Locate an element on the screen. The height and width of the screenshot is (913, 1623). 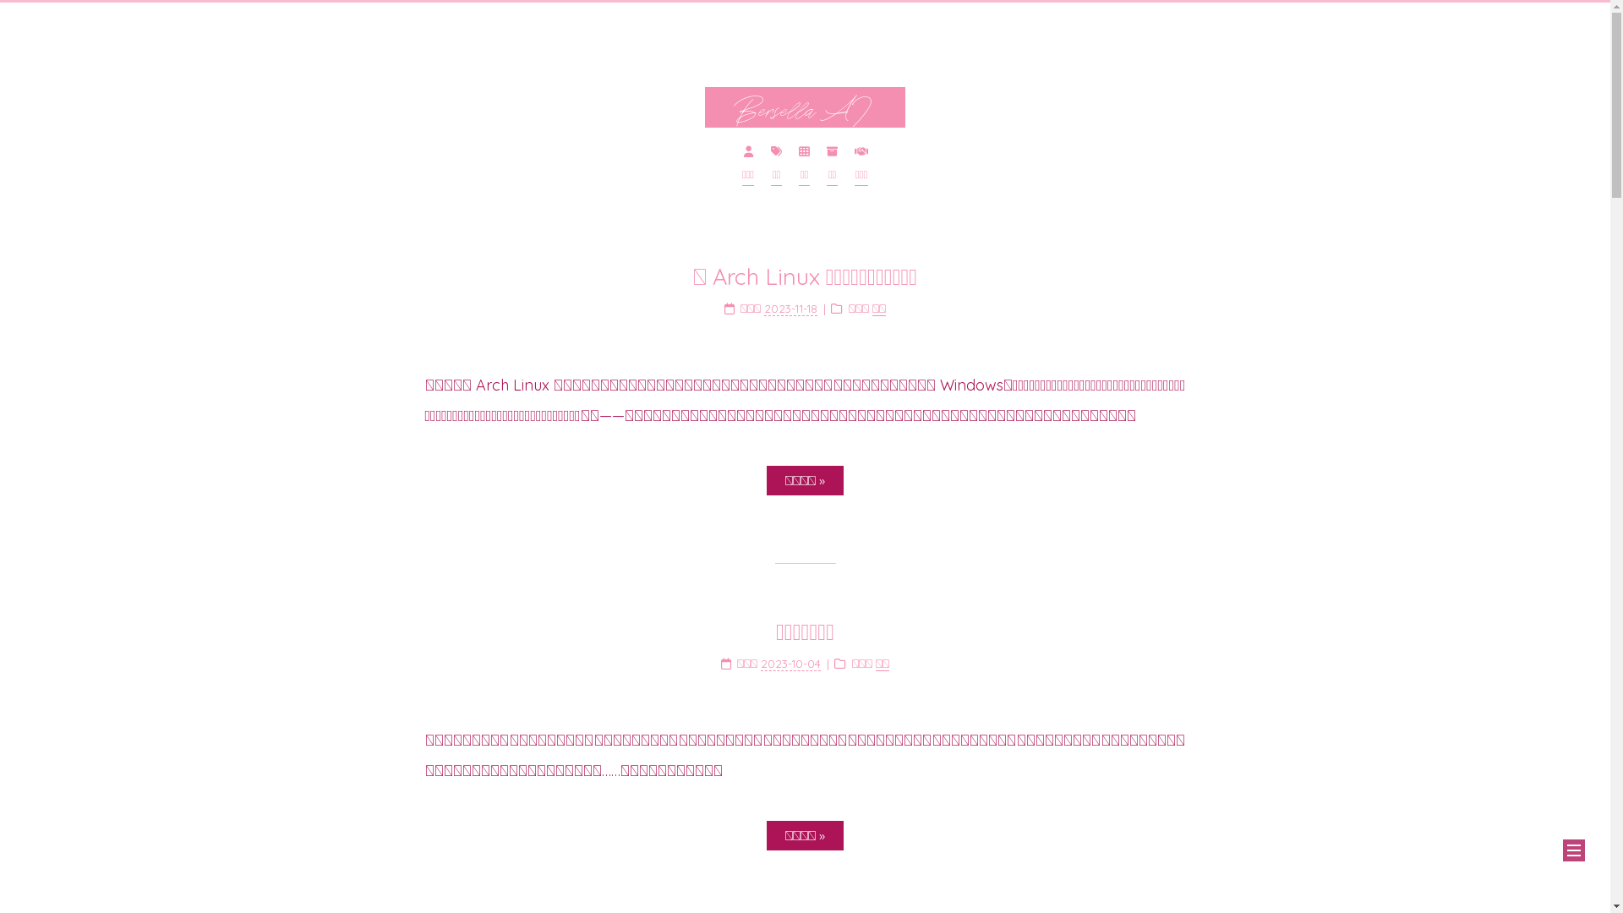
'Bersella AI' is located at coordinates (804, 107).